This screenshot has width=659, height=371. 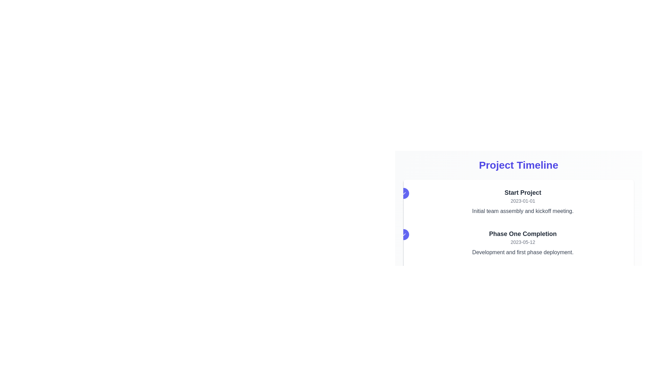 I want to click on the indigo circular button with a white downward-facing chevron icon, located beside the 'Phase One Completion' milestone, so click(x=404, y=234).